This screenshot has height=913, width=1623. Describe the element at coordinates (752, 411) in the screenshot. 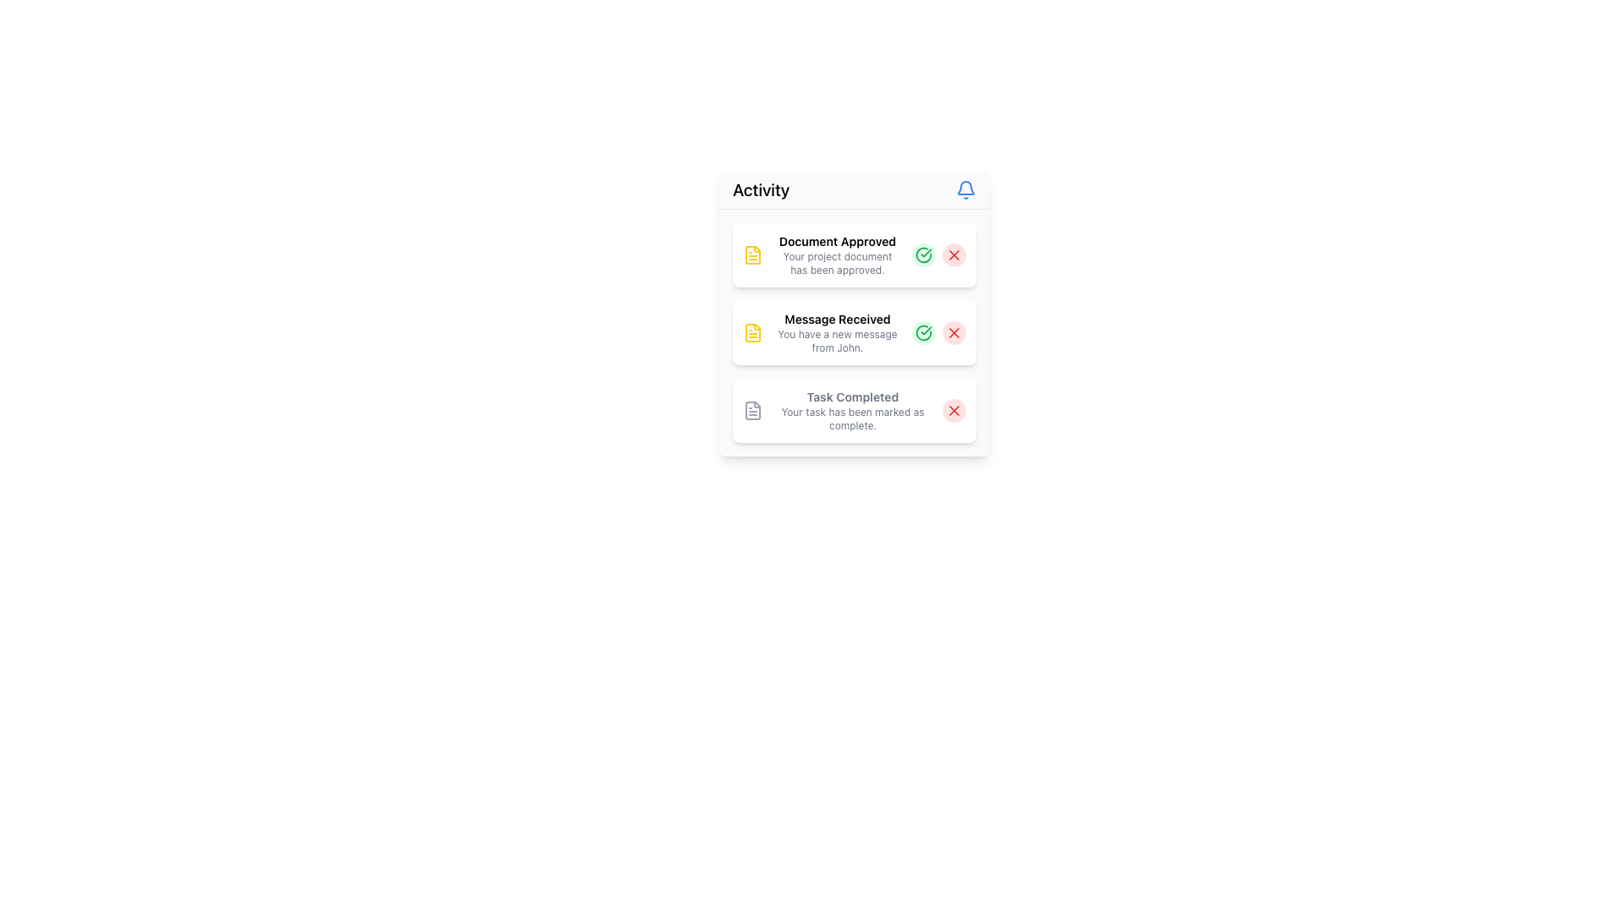

I see `the compact document icon with rounded corners and text lines located at the top-left corner of the 'Task Completed' notification` at that location.